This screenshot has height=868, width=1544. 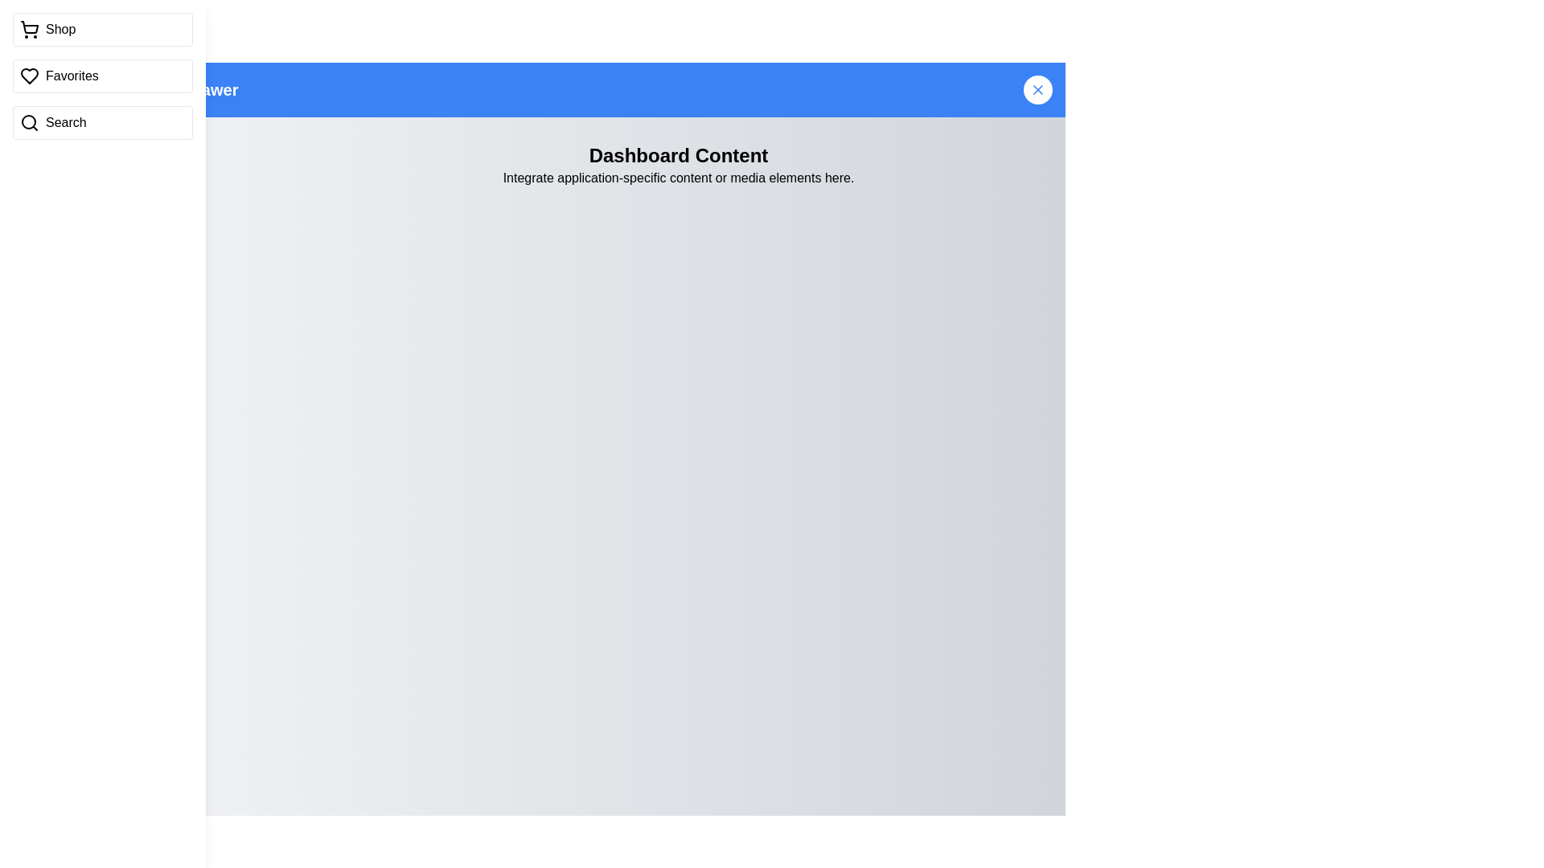 What do you see at coordinates (30, 30) in the screenshot?
I see `the 'Shop' icon located at the top of the sidebar, which serves as a navigation aid for shopping-related content` at bounding box center [30, 30].